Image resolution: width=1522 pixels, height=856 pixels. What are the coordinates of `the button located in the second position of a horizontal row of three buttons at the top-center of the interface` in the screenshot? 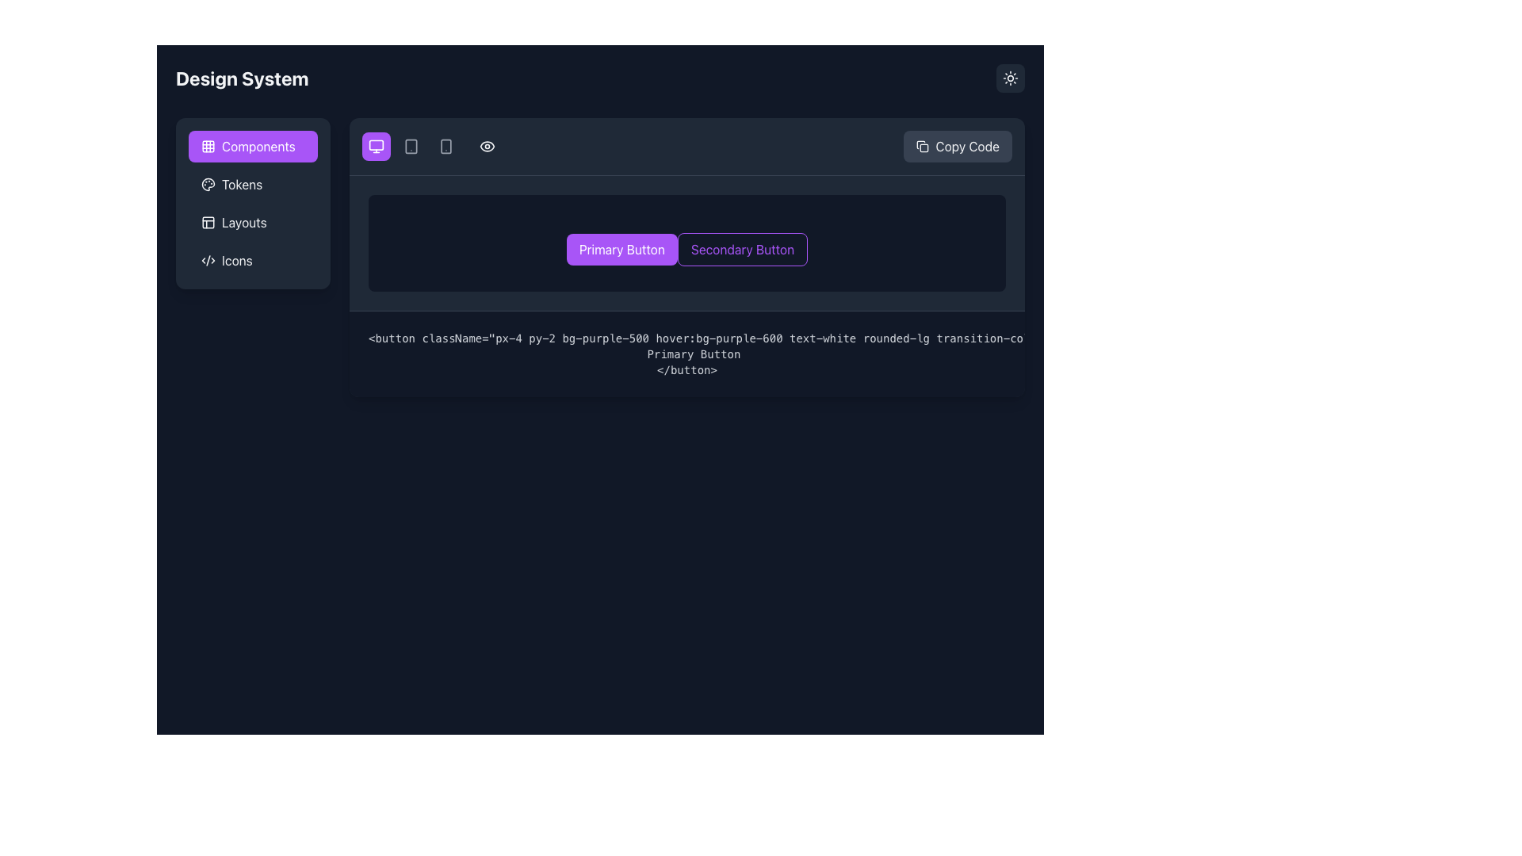 It's located at (411, 147).